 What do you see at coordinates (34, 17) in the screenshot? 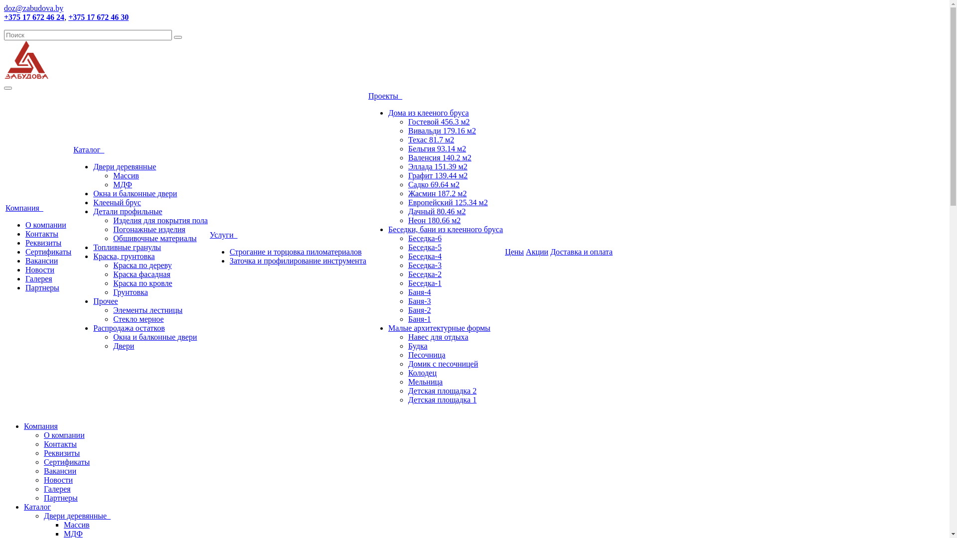
I see `'+375 17 672 46 24'` at bounding box center [34, 17].